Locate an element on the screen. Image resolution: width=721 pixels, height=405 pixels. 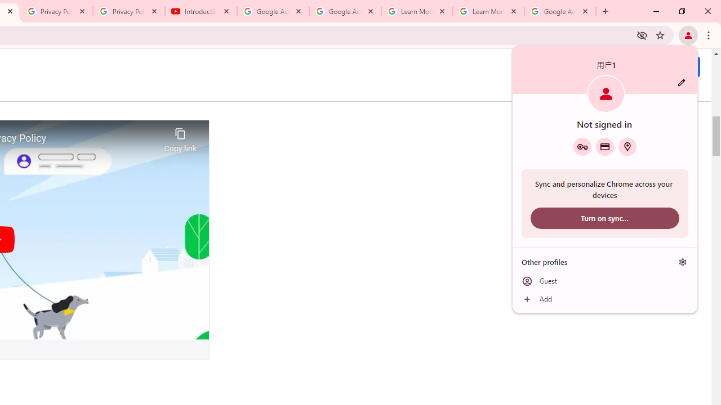
'Google Account' is located at coordinates (560, 11).